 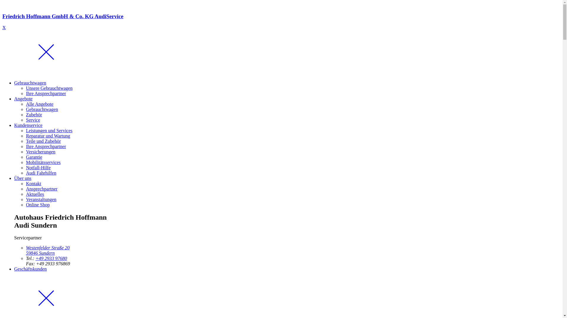 I want to click on 'Ihre Ansprechpartner', so click(x=46, y=146).